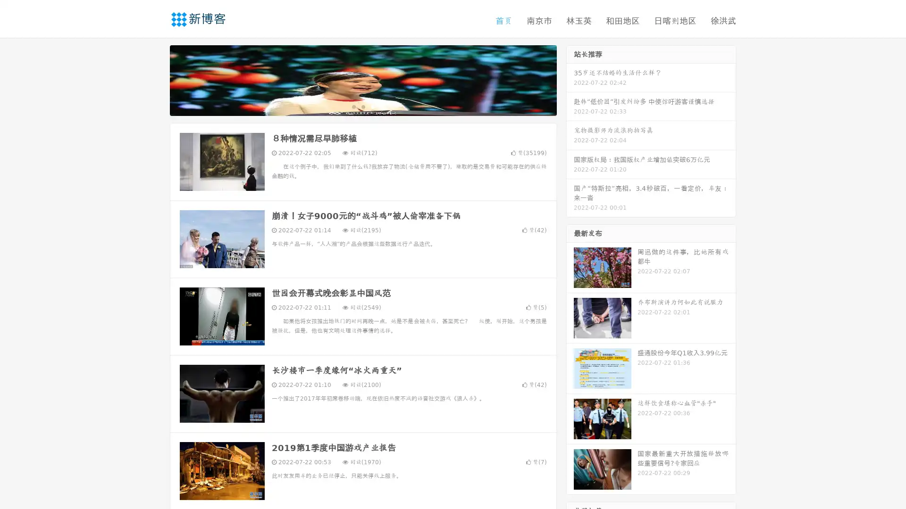 This screenshot has height=509, width=906. Describe the element at coordinates (353, 106) in the screenshot. I see `Go to slide 1` at that location.